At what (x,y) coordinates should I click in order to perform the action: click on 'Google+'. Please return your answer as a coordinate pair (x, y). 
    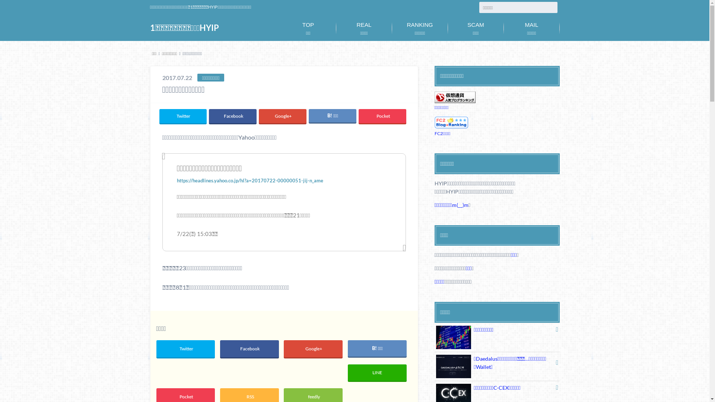
    Looking at the image, I should click on (313, 349).